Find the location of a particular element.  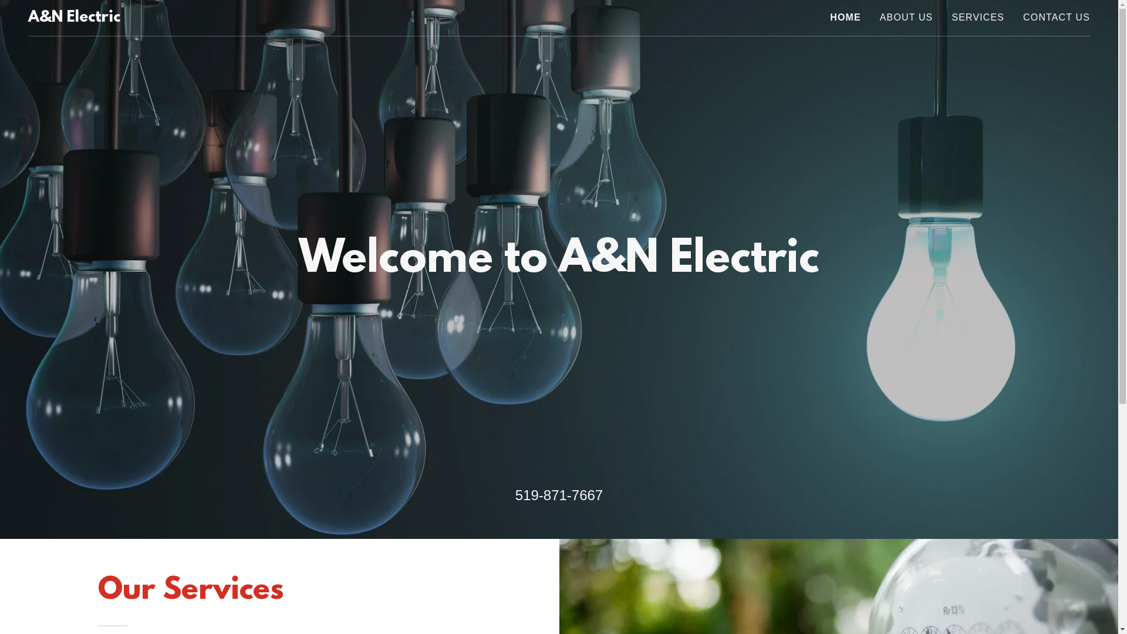

'519-871-7667' is located at coordinates (558, 495).